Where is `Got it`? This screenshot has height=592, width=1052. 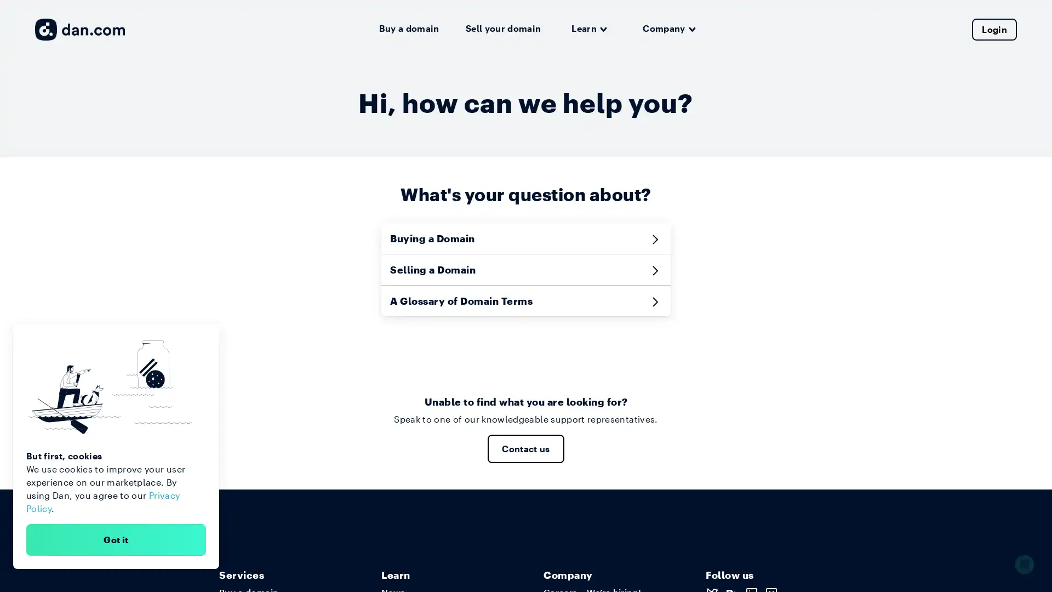 Got it is located at coordinates (116, 539).